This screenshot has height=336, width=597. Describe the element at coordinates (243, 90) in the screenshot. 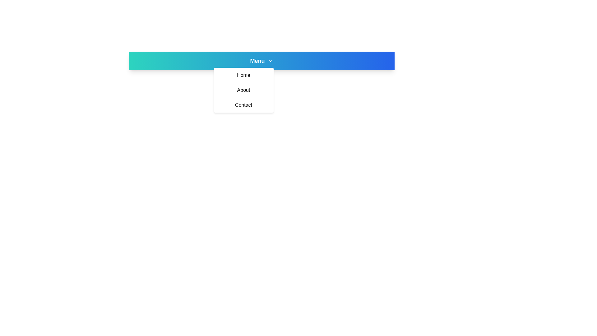

I see `the menu item About` at that location.